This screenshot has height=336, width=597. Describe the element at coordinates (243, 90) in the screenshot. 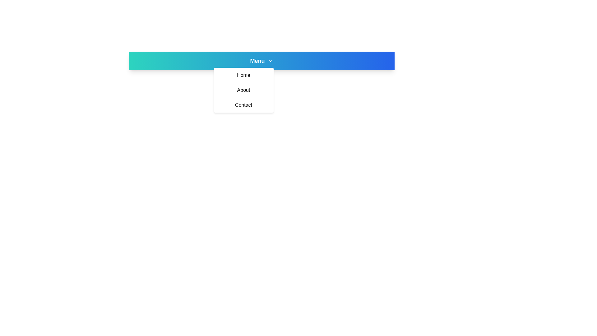

I see `the menu item About` at that location.